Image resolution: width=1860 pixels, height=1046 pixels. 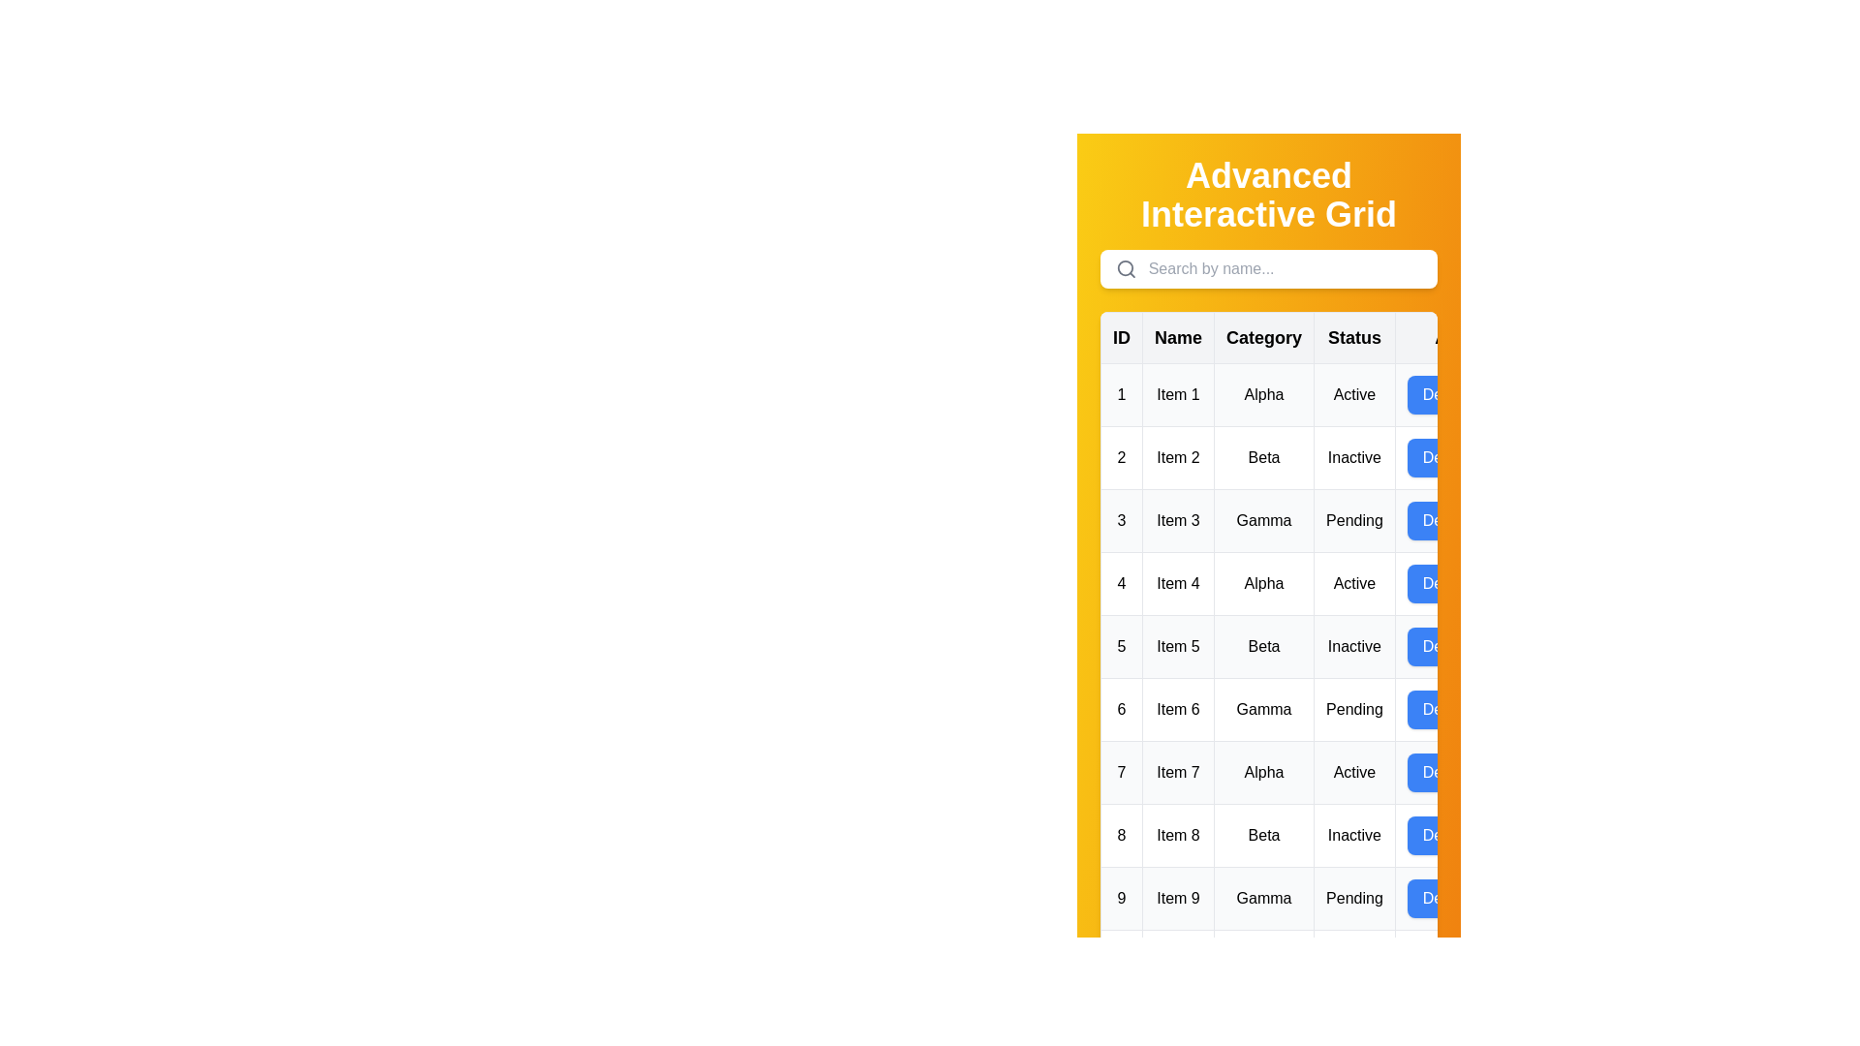 I want to click on the column header Name to sort the data, so click(x=1176, y=336).